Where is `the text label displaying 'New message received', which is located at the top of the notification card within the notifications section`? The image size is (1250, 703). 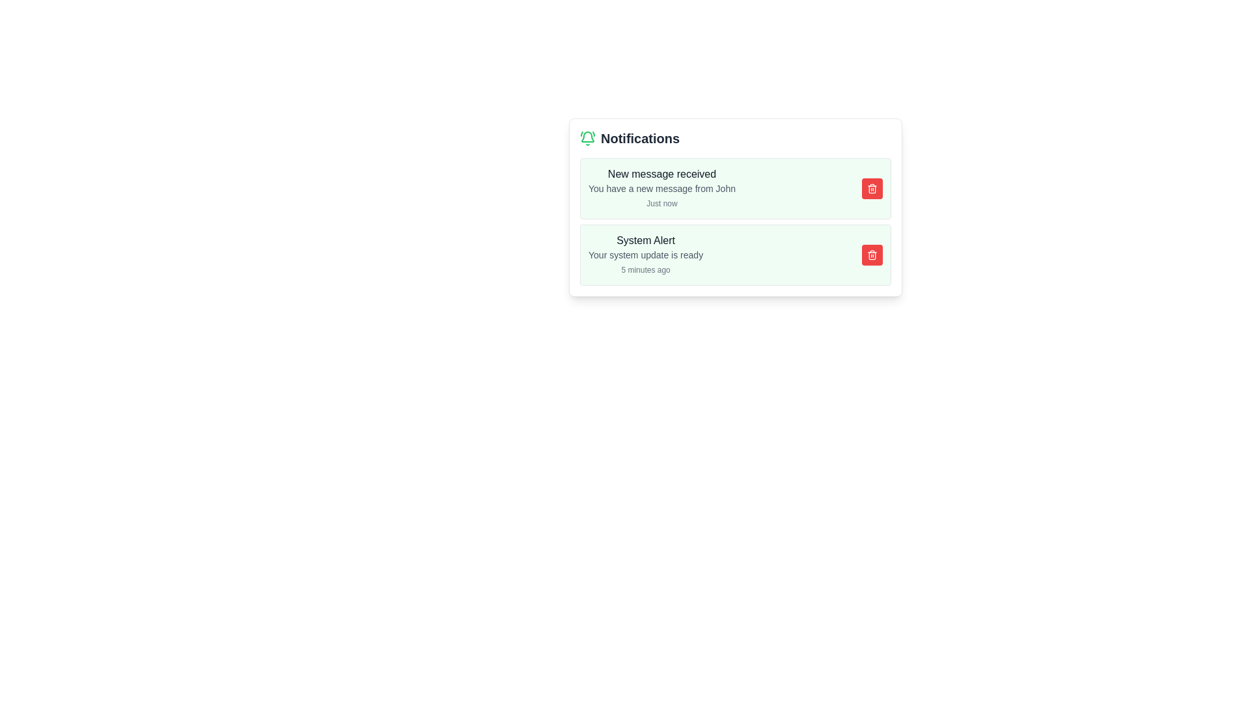 the text label displaying 'New message received', which is located at the top of the notification card within the notifications section is located at coordinates (662, 173).